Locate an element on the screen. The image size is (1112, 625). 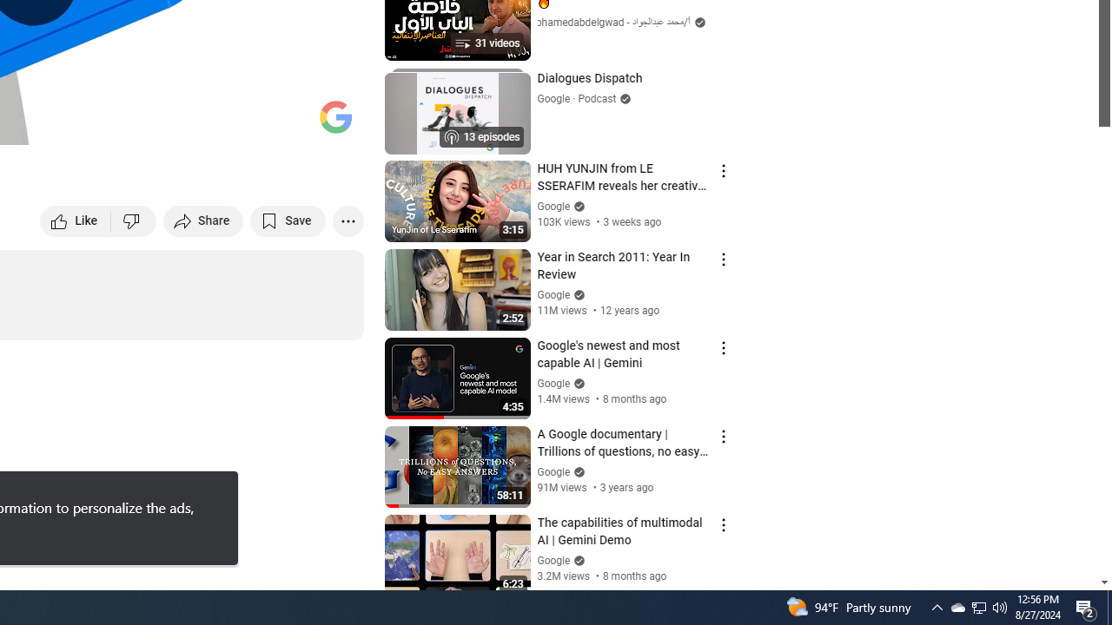
'Like' is located at coordinates (75, 220).